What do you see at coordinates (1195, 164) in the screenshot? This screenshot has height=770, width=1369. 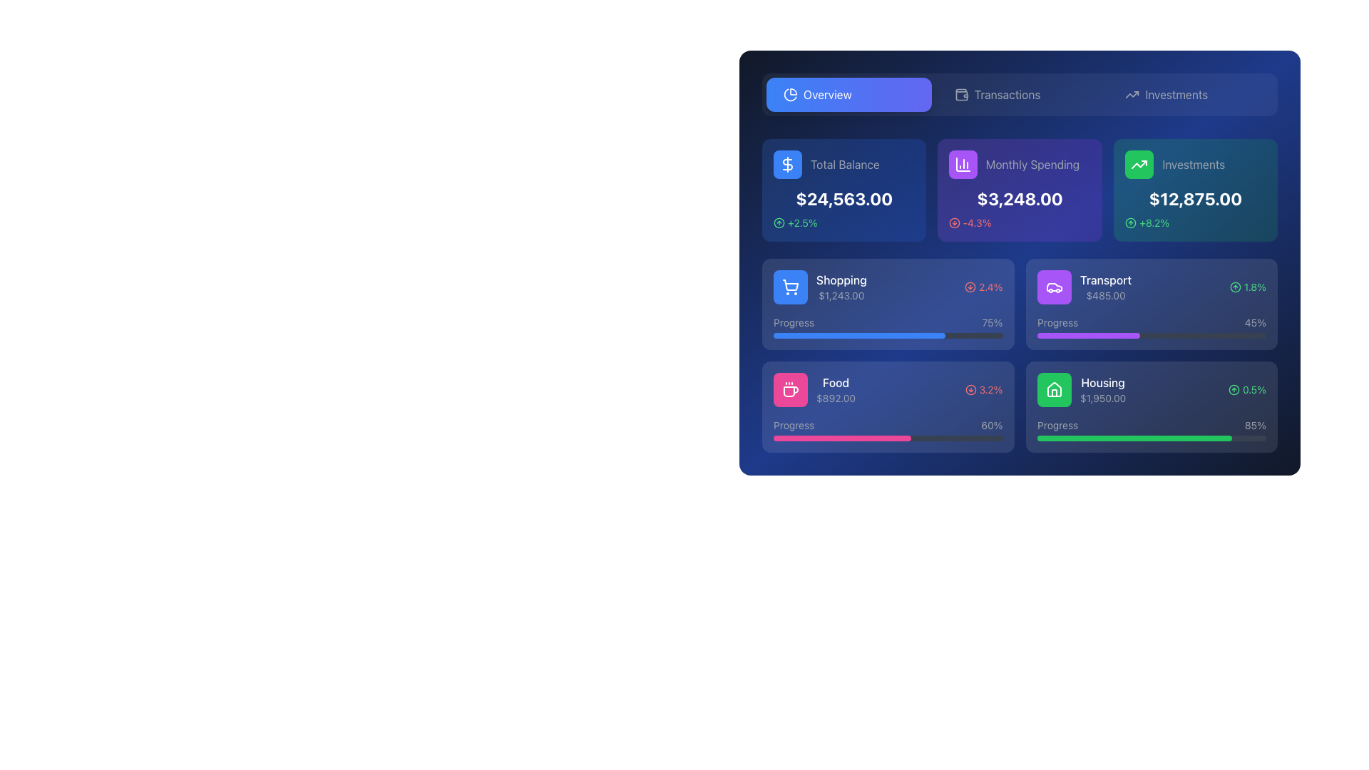 I see `the 'Investments' text label, which is styled in light gray and positioned to the right of a green square icon with an upward-trending arrow` at bounding box center [1195, 164].